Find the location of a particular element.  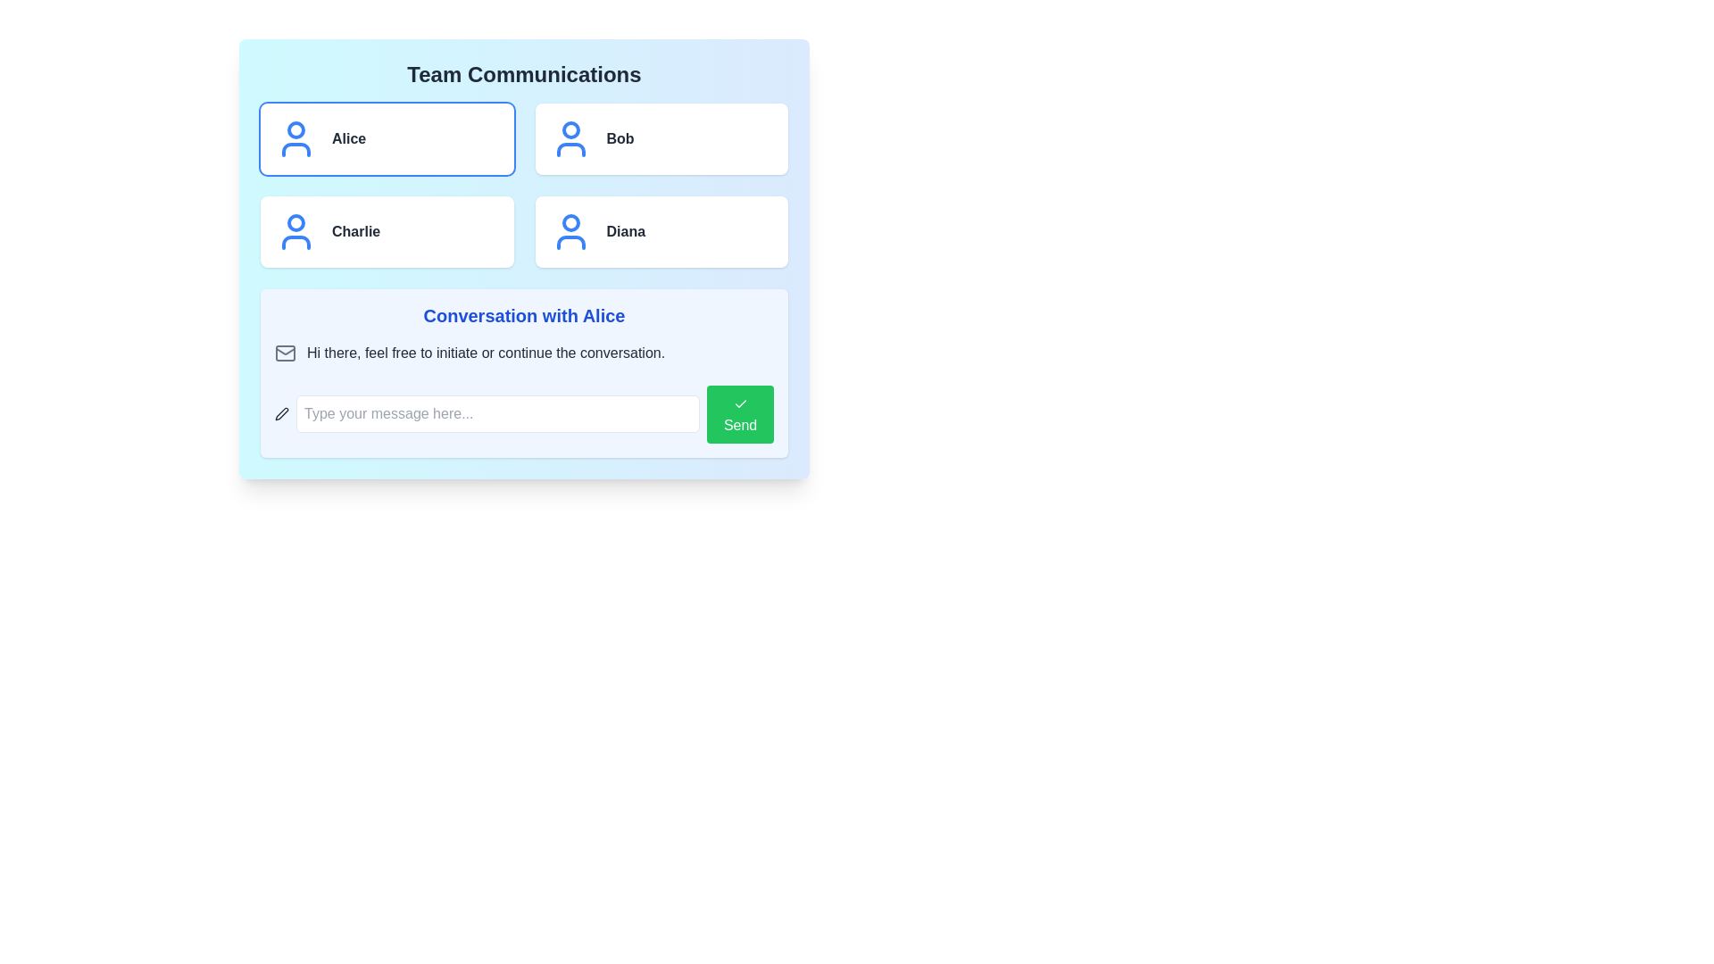

the blue-colored user icon with a circular head and simplified body outline located within the box labeled 'Diana' in the lower right corner of the grid is located at coordinates (570, 230).